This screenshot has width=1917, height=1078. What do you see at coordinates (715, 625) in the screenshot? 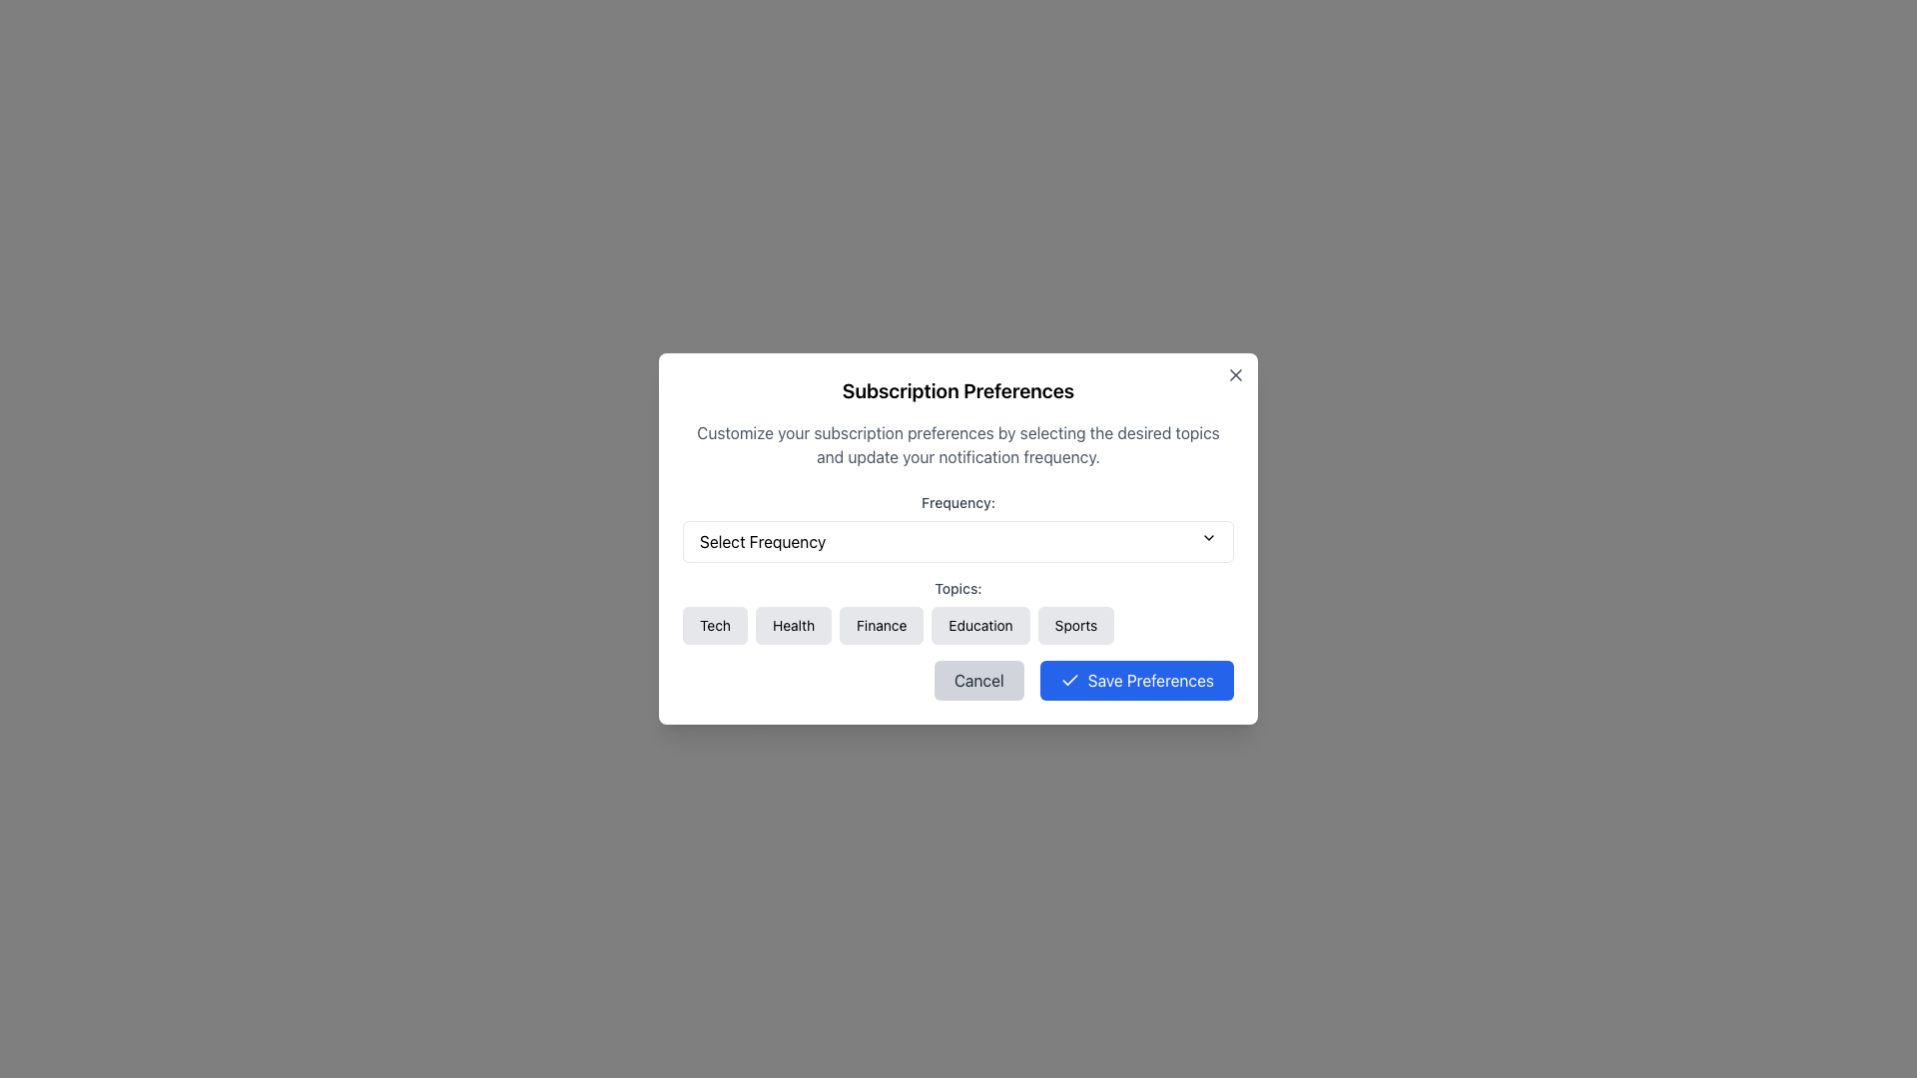
I see `the 'Tech' button in the subscription preferences dialog` at bounding box center [715, 625].